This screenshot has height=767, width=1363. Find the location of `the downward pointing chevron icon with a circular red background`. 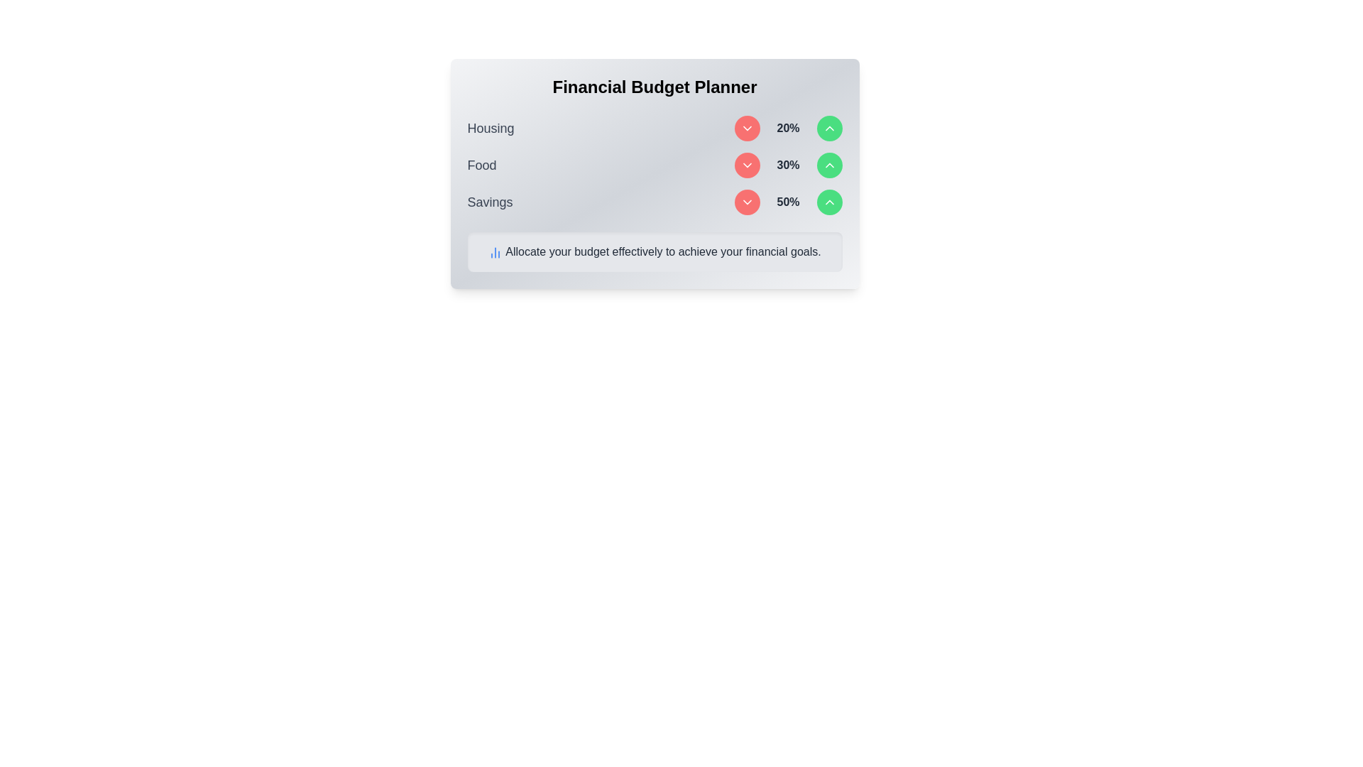

the downward pointing chevron icon with a circular red background is located at coordinates (746, 164).